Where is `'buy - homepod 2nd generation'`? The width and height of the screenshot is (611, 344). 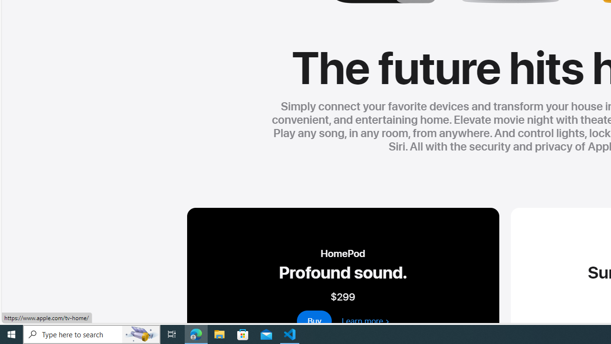
'buy - homepod 2nd generation' is located at coordinates (315, 321).